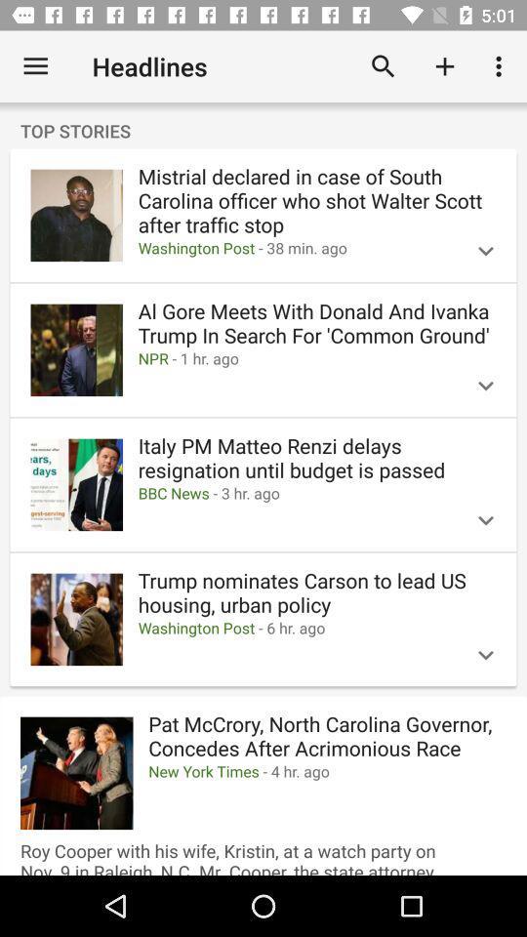 Image resolution: width=527 pixels, height=937 pixels. Describe the element at coordinates (484, 655) in the screenshot. I see `the expand_more icon` at that location.